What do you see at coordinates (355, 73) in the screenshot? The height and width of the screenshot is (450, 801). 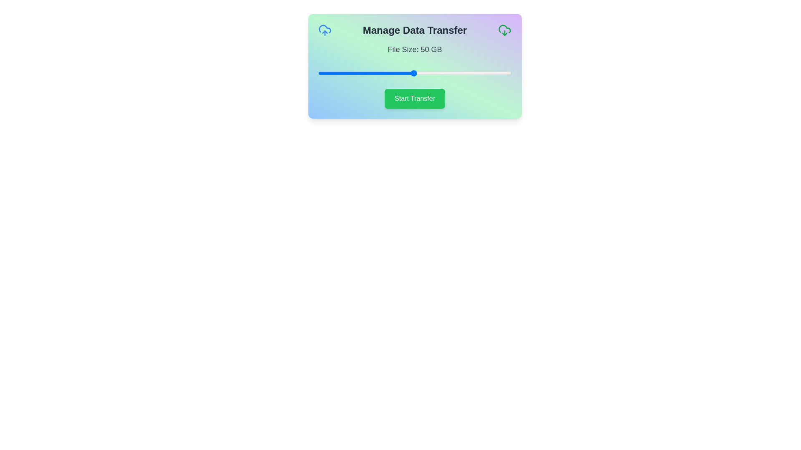 I see `the slider to set the file size to 20 GB` at bounding box center [355, 73].